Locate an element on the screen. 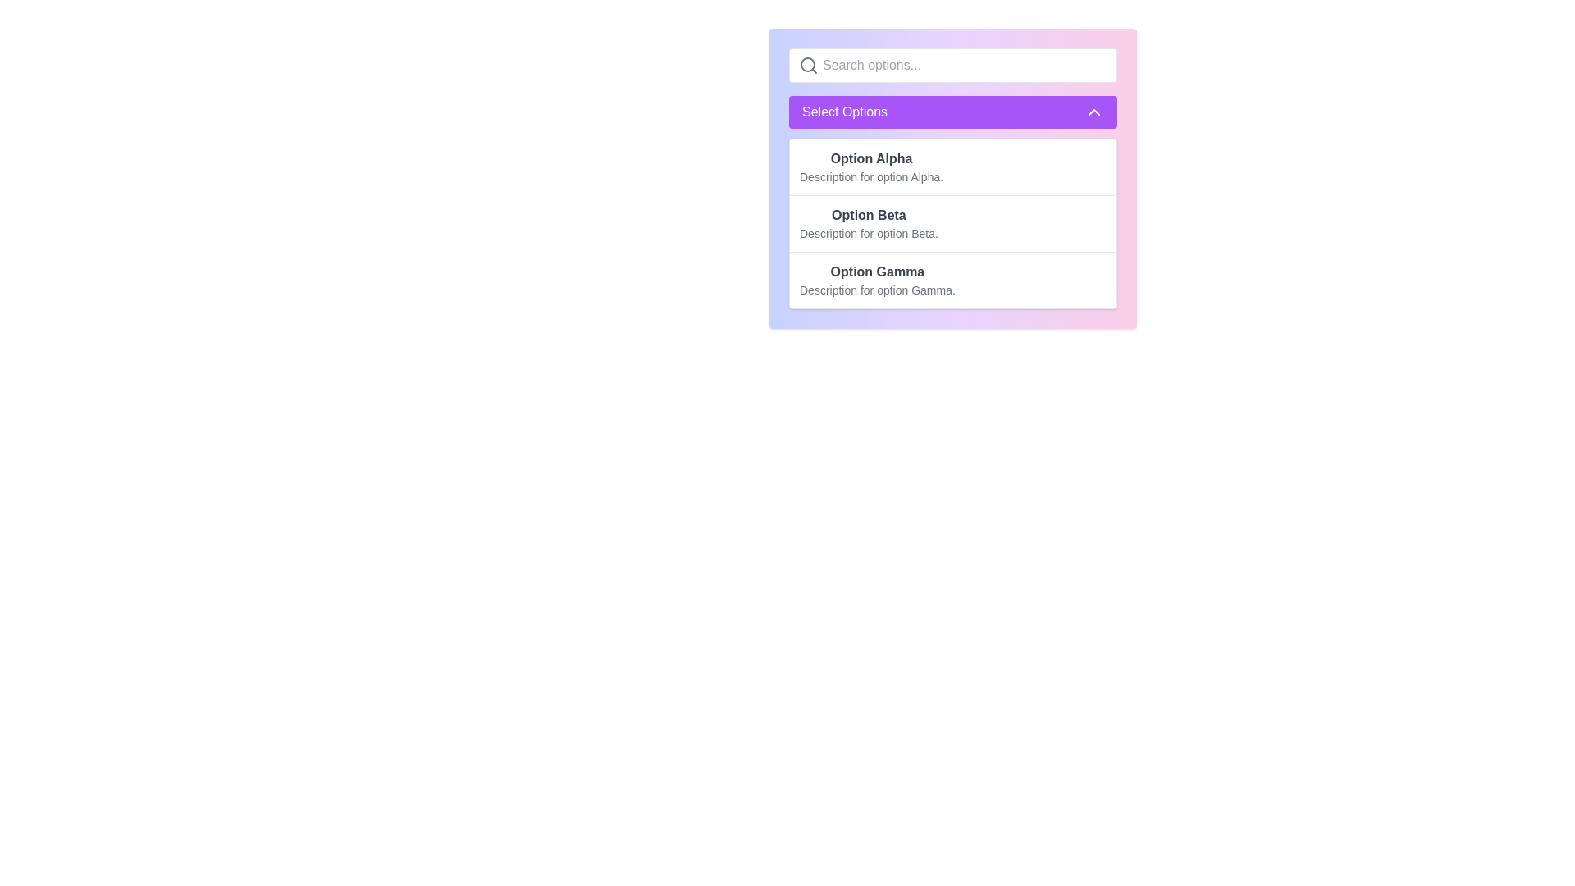 This screenshot has height=886, width=1575. the 'Gamma' option from the dropdown menu by clicking on its corresponding text label located above the description text is located at coordinates (877, 271).